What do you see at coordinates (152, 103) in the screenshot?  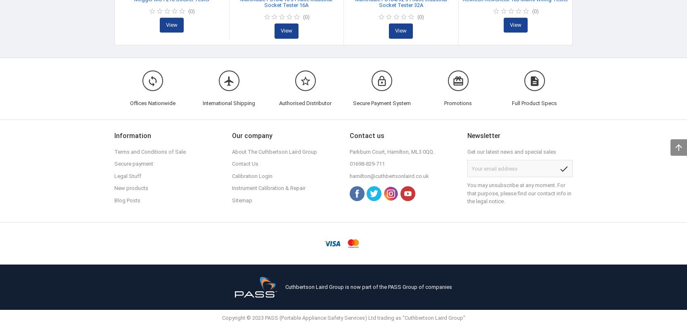 I see `'Offices Nationwide'` at bounding box center [152, 103].